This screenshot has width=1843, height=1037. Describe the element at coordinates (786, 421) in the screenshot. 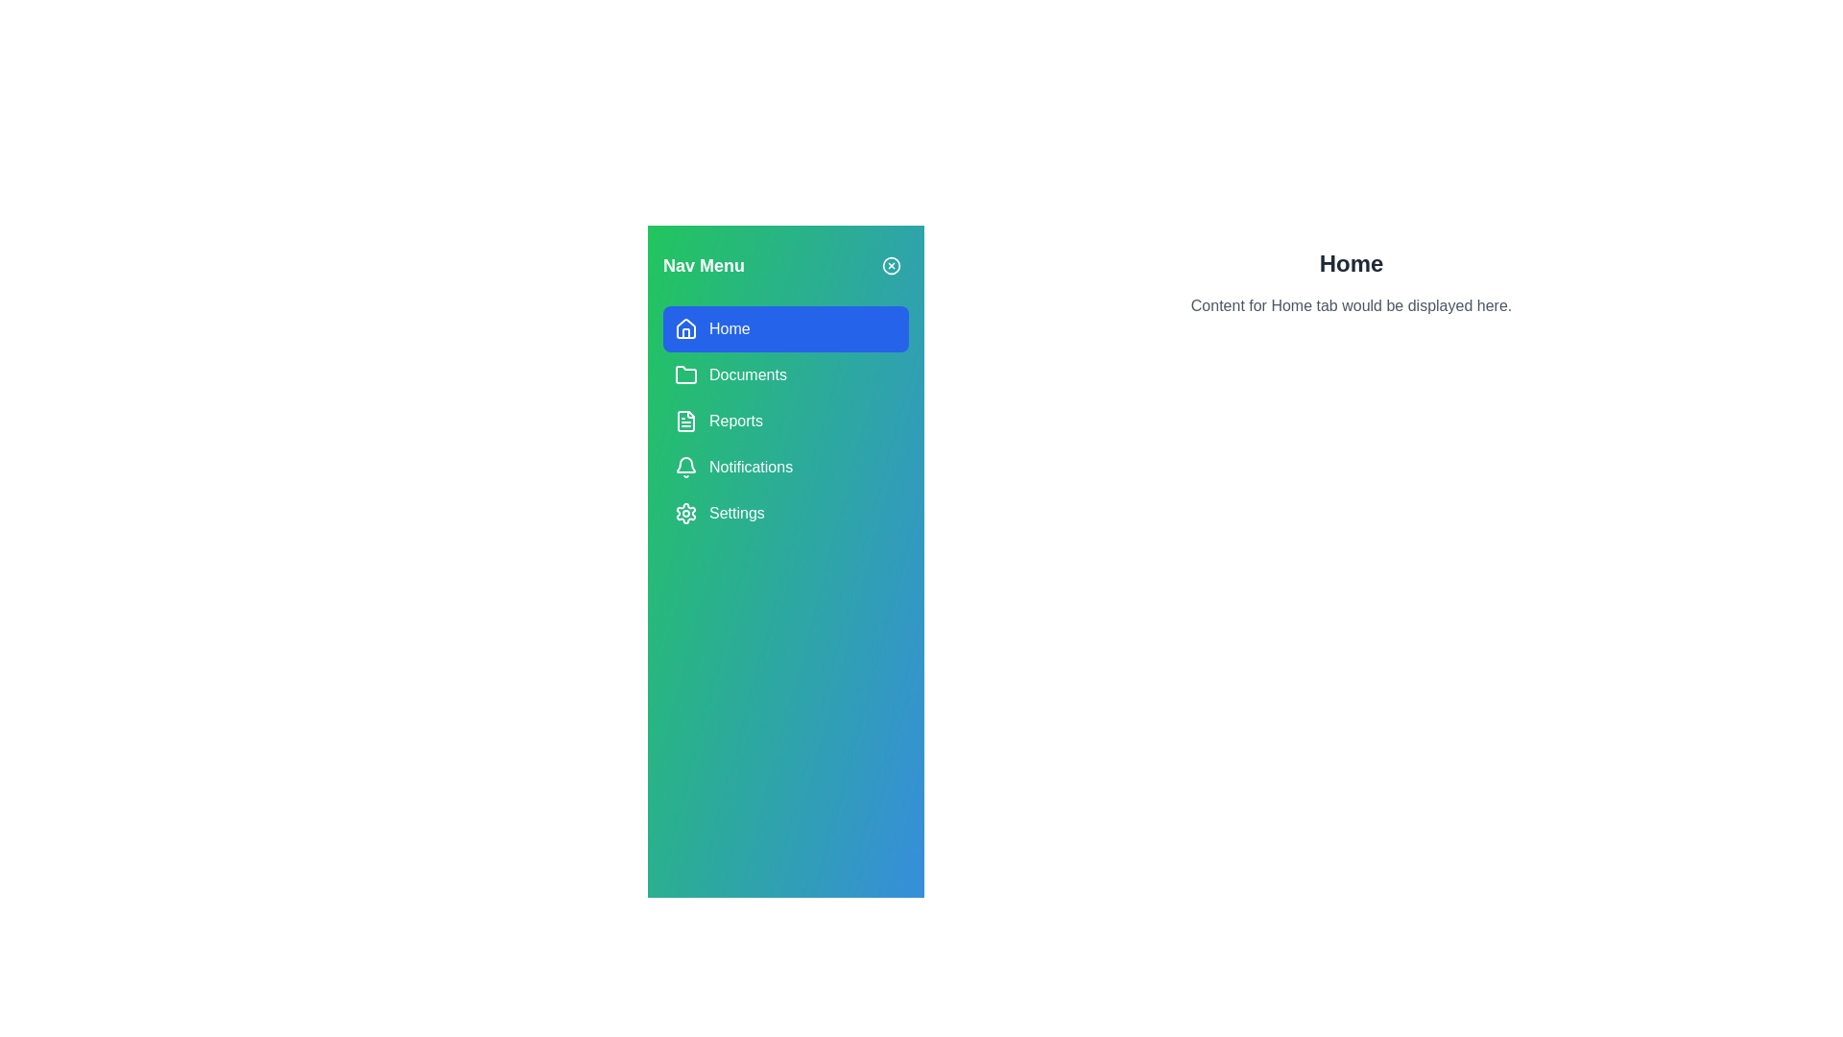

I see `the tab Reports in the navigation menu` at that location.